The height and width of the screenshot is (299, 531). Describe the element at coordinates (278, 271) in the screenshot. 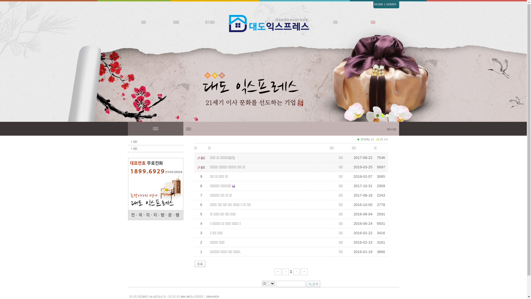

I see `'Go to the first page'` at that location.